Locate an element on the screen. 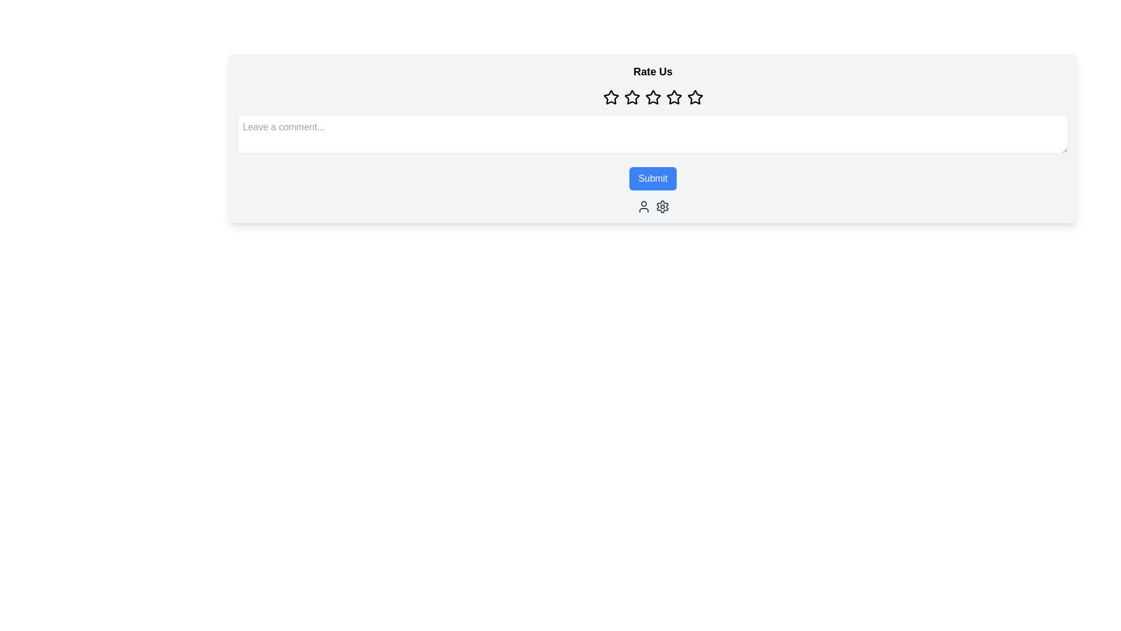 Image resolution: width=1121 pixels, height=631 pixels. the first star-shaped icon under the 'Rate Us' header is located at coordinates (610, 96).